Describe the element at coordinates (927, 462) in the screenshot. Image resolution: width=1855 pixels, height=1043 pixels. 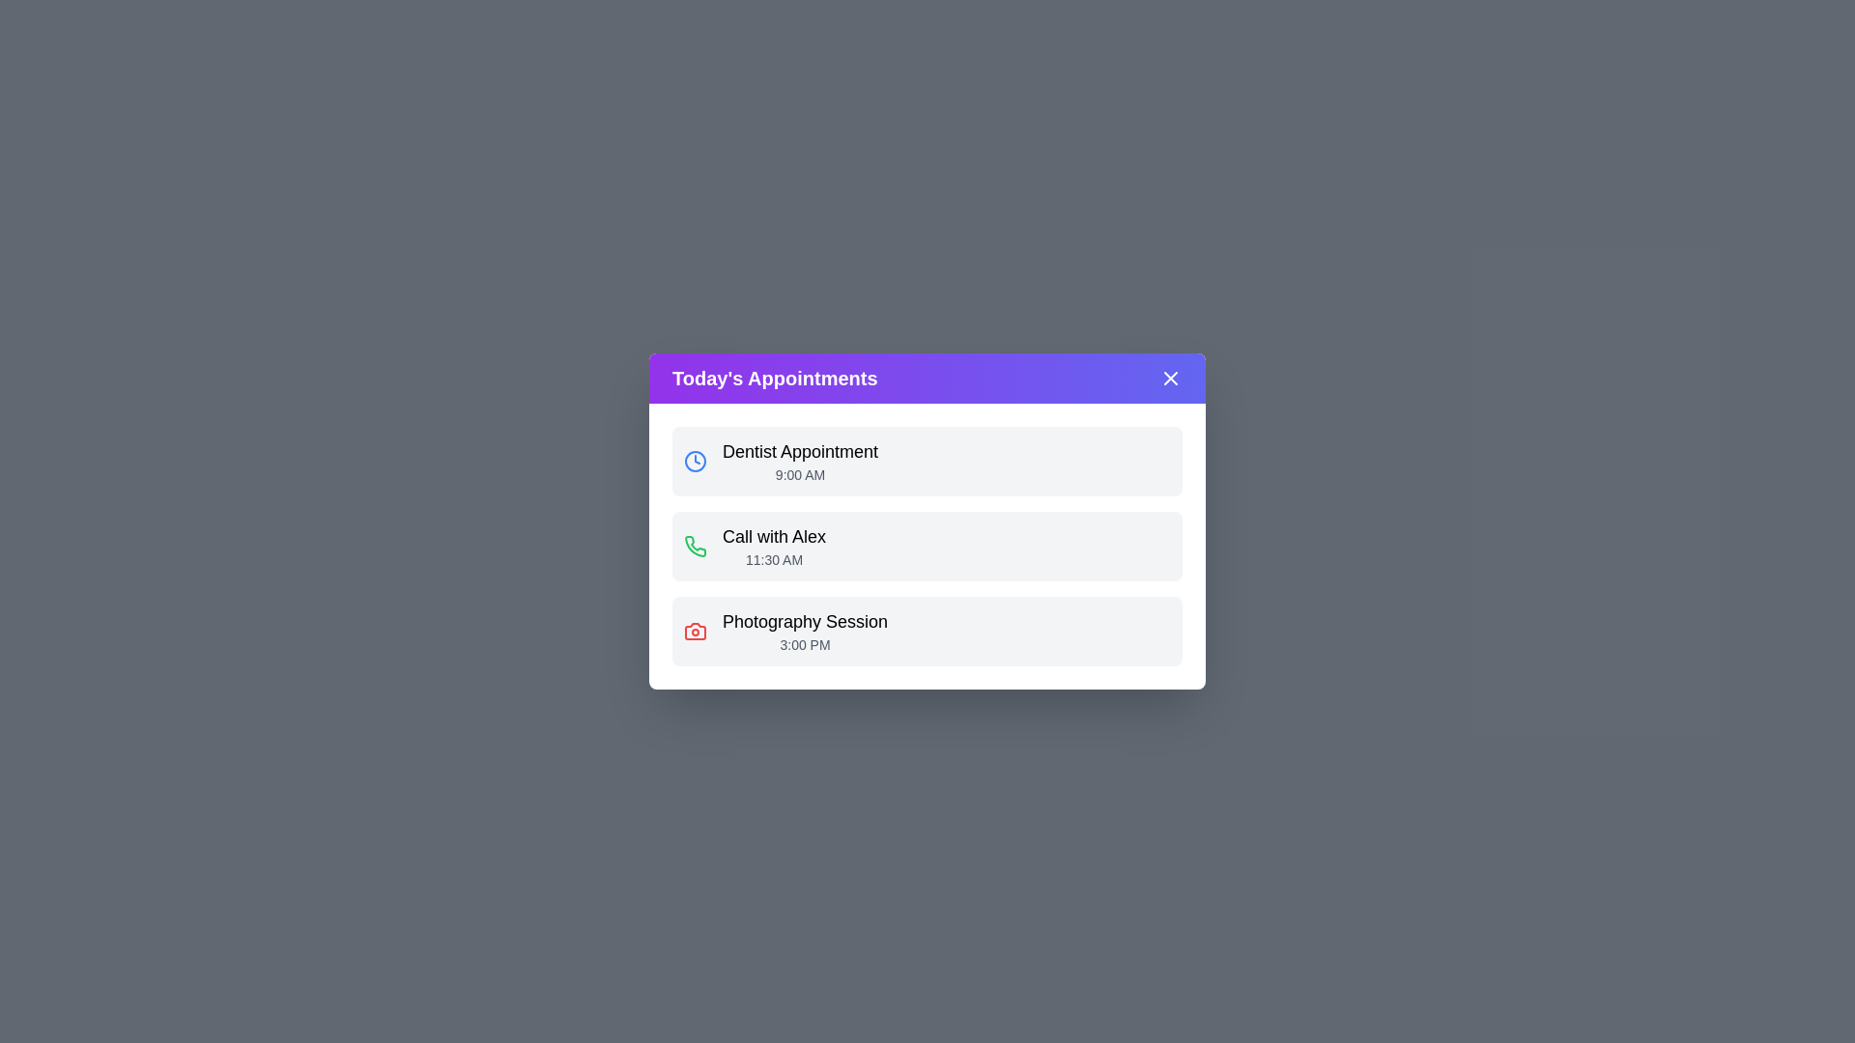
I see `the appointment item corresponding to Dentist Appointment` at that location.